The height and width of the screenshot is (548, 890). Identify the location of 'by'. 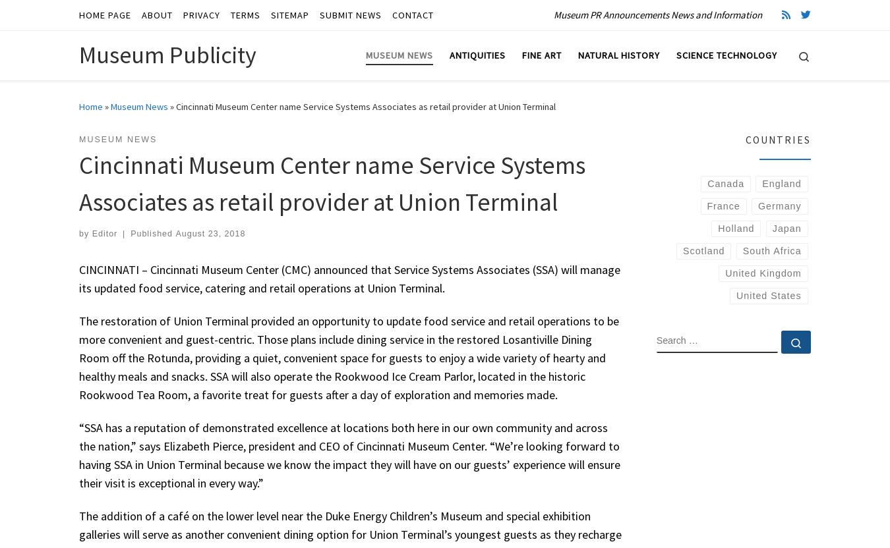
(79, 234).